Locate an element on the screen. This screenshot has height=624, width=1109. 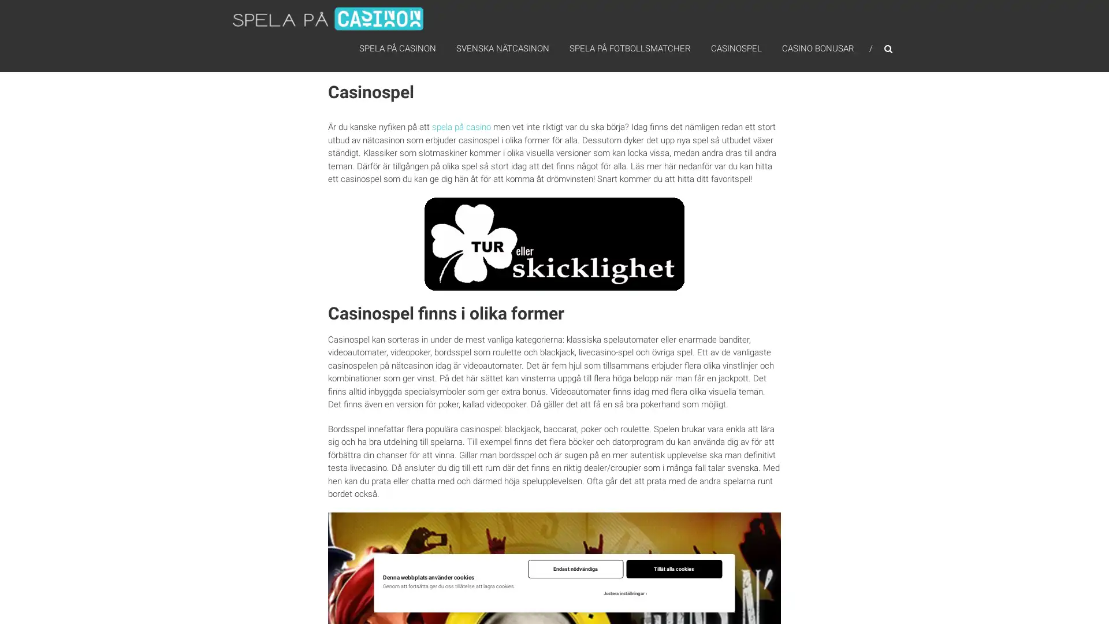
Endast nodvandiga is located at coordinates (575, 568).